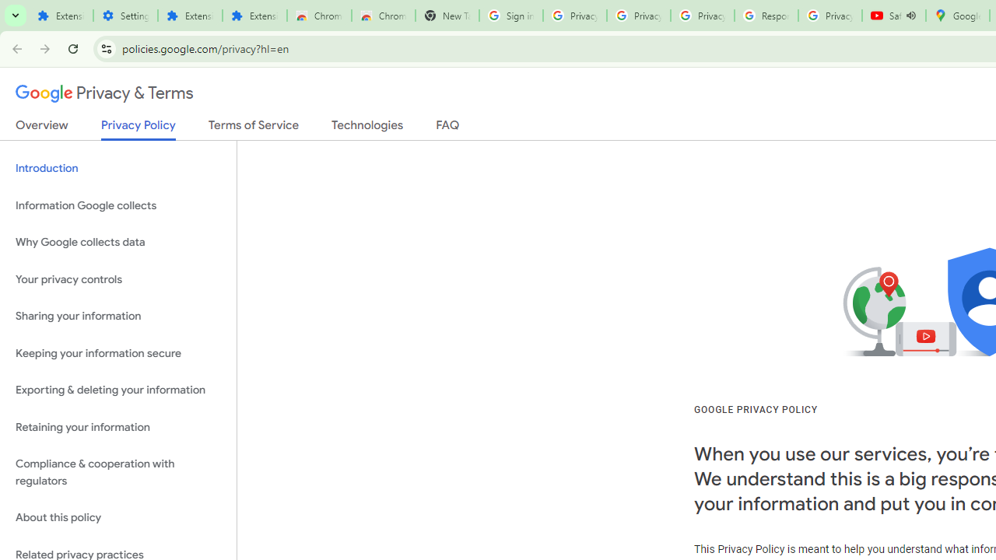 Image resolution: width=996 pixels, height=560 pixels. What do you see at coordinates (117, 278) in the screenshot?
I see `'Your privacy controls'` at bounding box center [117, 278].